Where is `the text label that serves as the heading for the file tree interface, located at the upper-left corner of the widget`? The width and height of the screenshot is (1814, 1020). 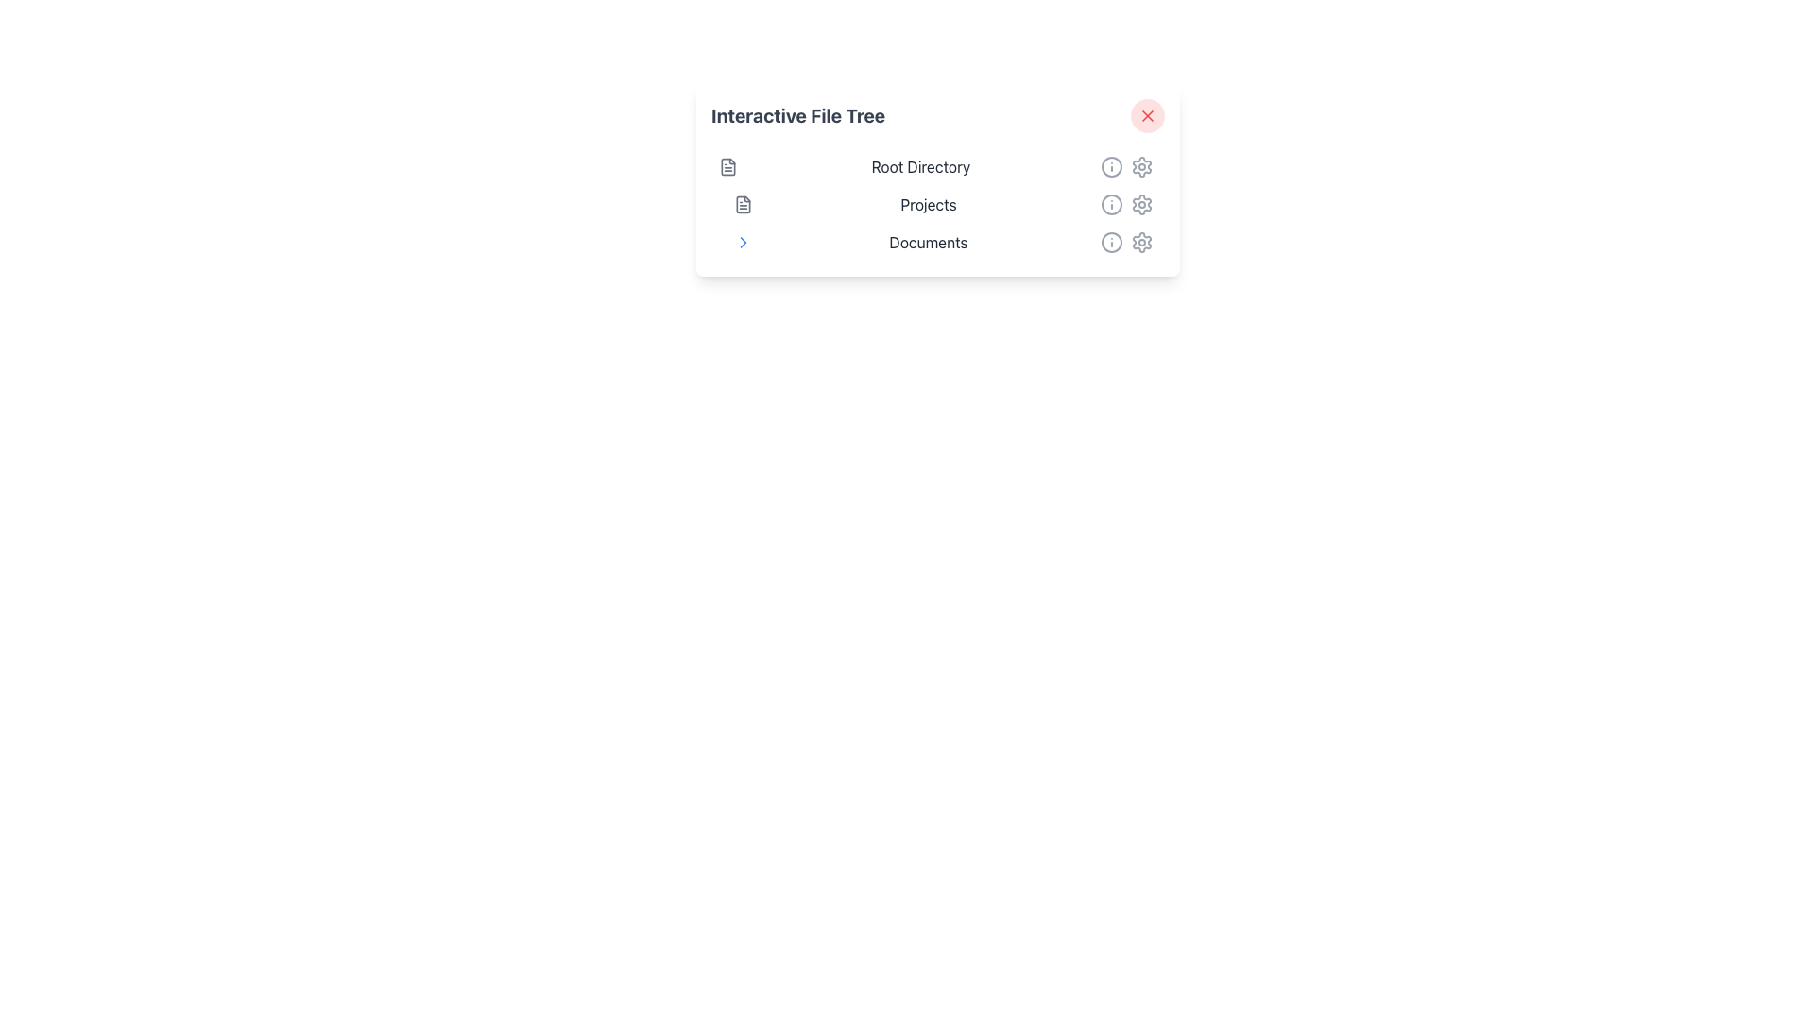 the text label that serves as the heading for the file tree interface, located at the upper-left corner of the widget is located at coordinates (798, 116).